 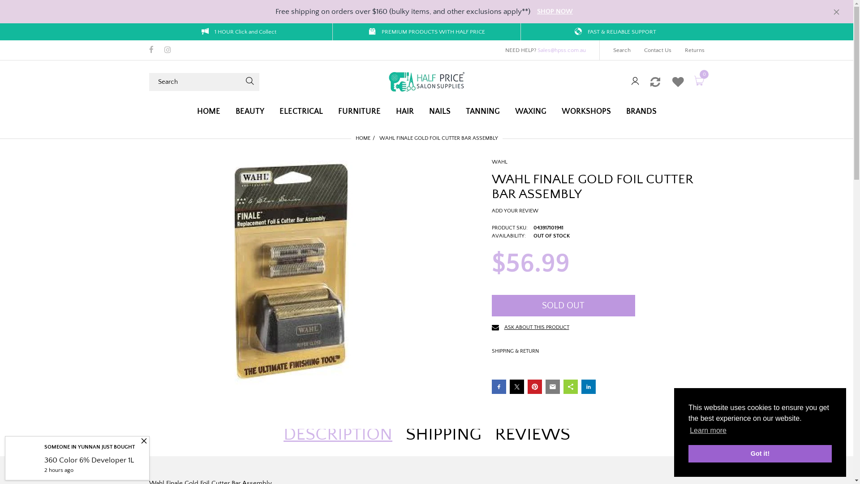 What do you see at coordinates (359, 111) in the screenshot?
I see `'FURNITURE'` at bounding box center [359, 111].